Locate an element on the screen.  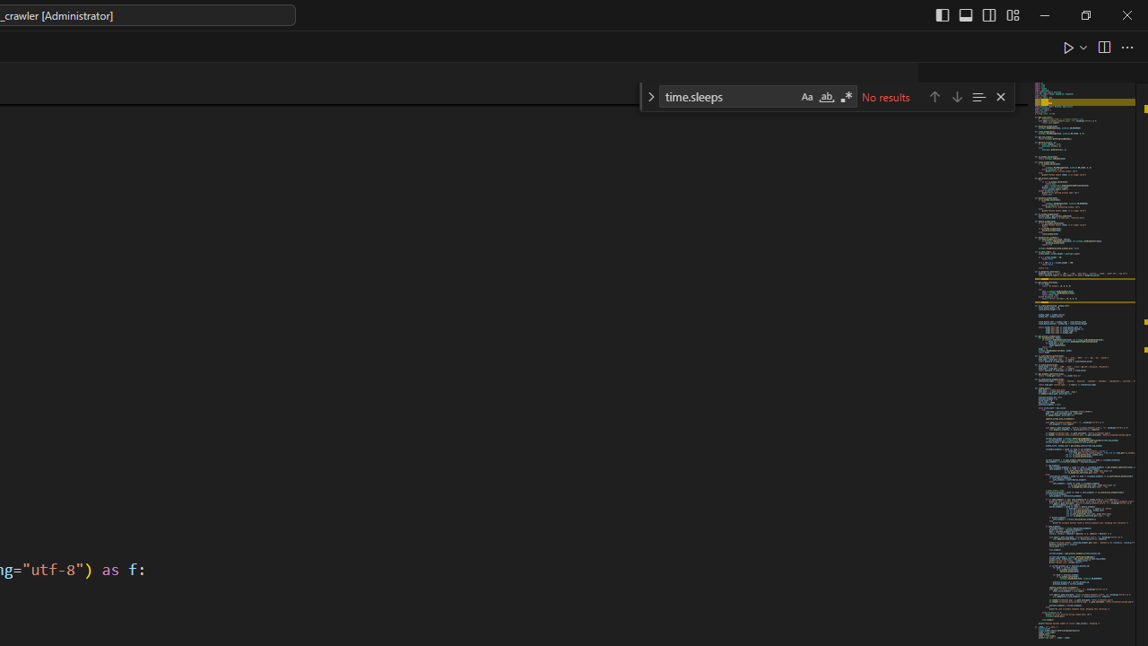
'Toggle Primary Side Bar (Ctrl+B)' is located at coordinates (941, 14).